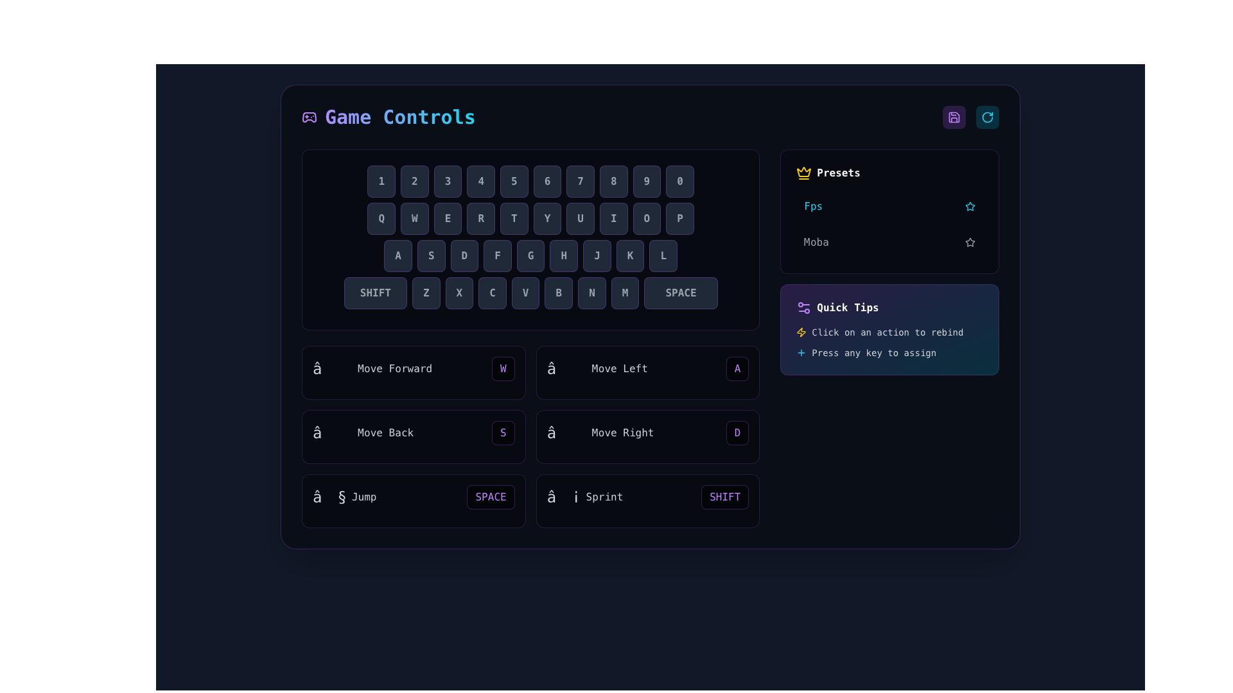  I want to click on the button with a dark-gray background and an uppercase 'I' in the center to simulate pressing the 'I' key on the virtual keyboard, so click(613, 218).